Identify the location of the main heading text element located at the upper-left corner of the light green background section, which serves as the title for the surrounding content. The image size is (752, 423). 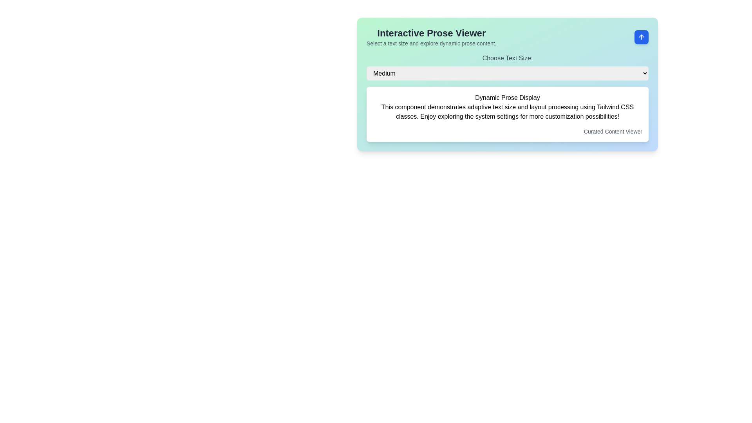
(431, 33).